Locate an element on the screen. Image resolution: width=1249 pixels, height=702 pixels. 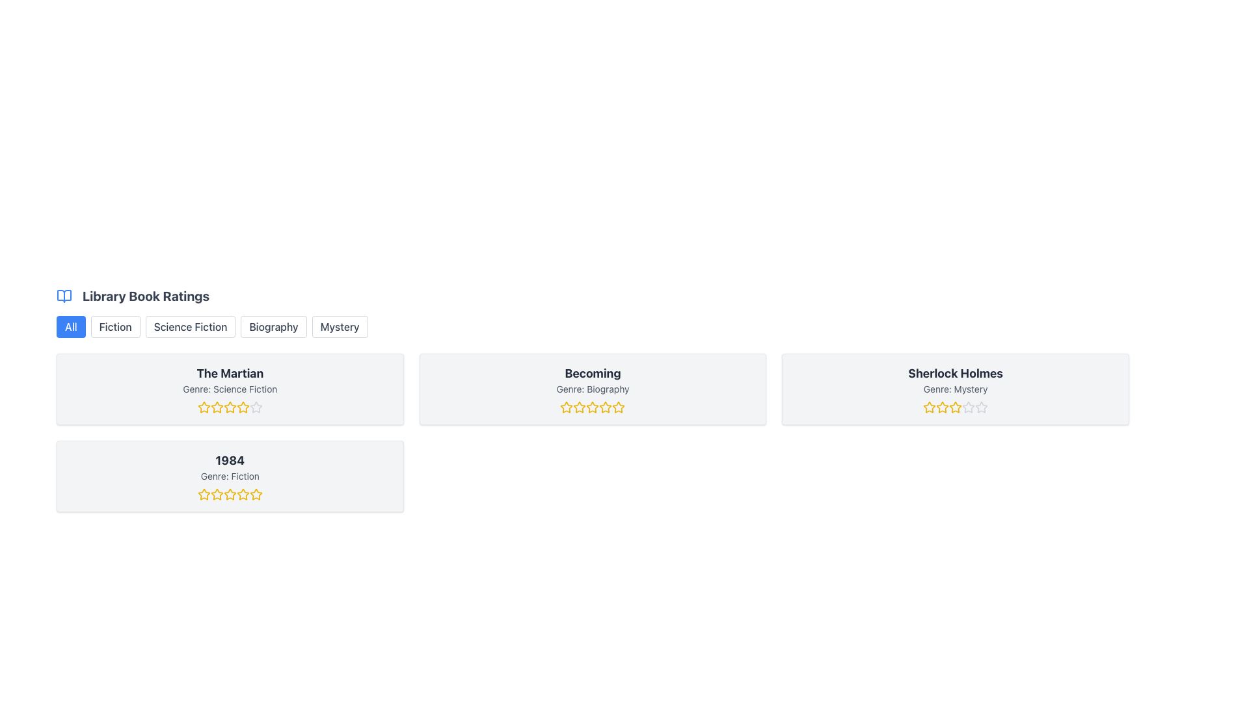
the first star in the rating system located under the title '1984' to rate it is located at coordinates (203, 494).